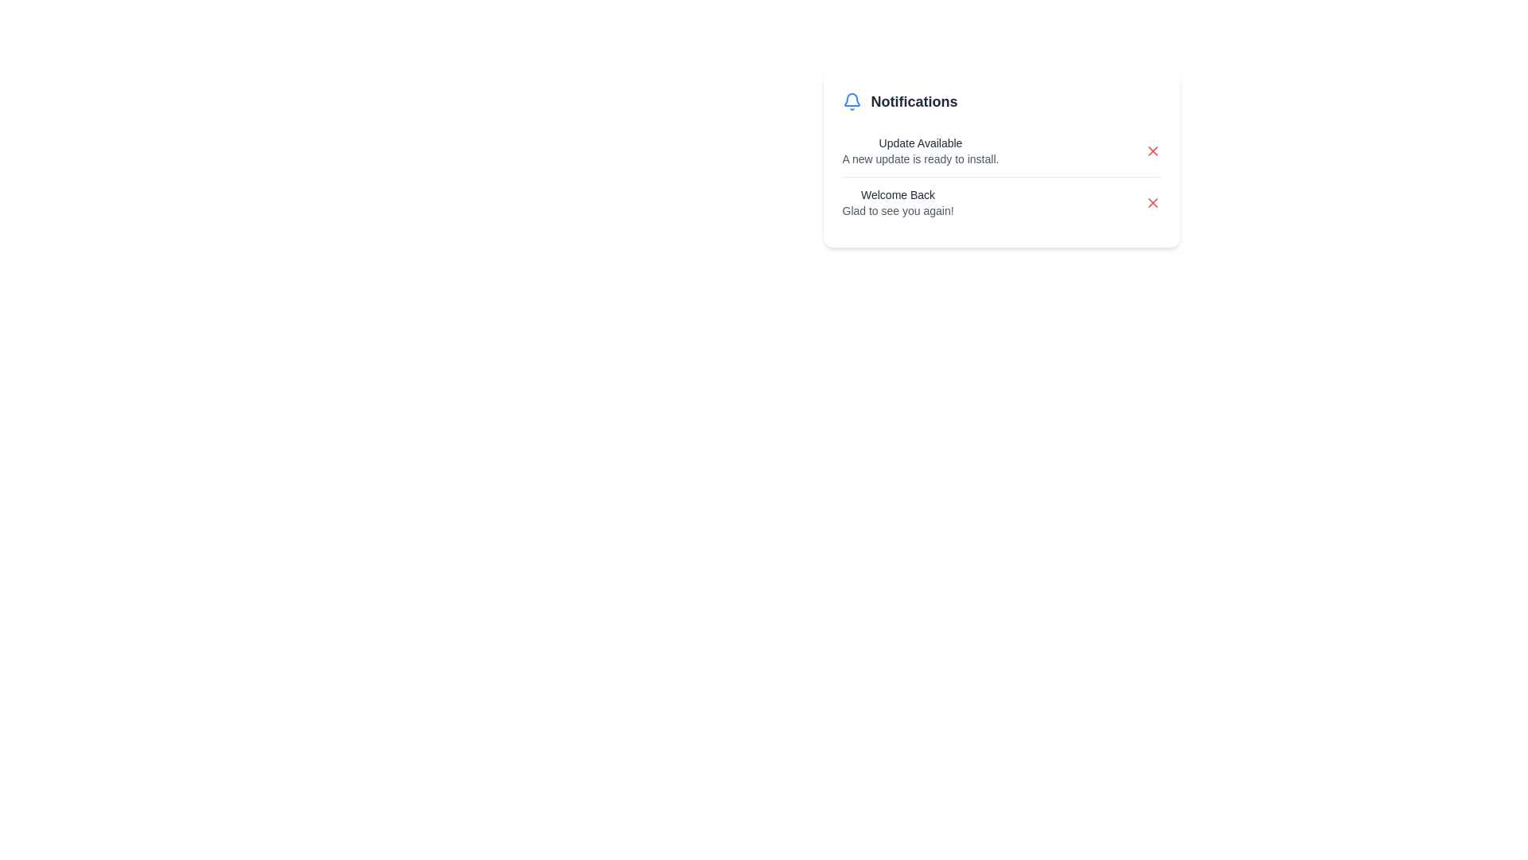 This screenshot has width=1528, height=860. Describe the element at coordinates (914, 101) in the screenshot. I see `the prominently styled text reading 'Notifications', which is bold and dark gray, located in the right-middle area of the notification card` at that location.